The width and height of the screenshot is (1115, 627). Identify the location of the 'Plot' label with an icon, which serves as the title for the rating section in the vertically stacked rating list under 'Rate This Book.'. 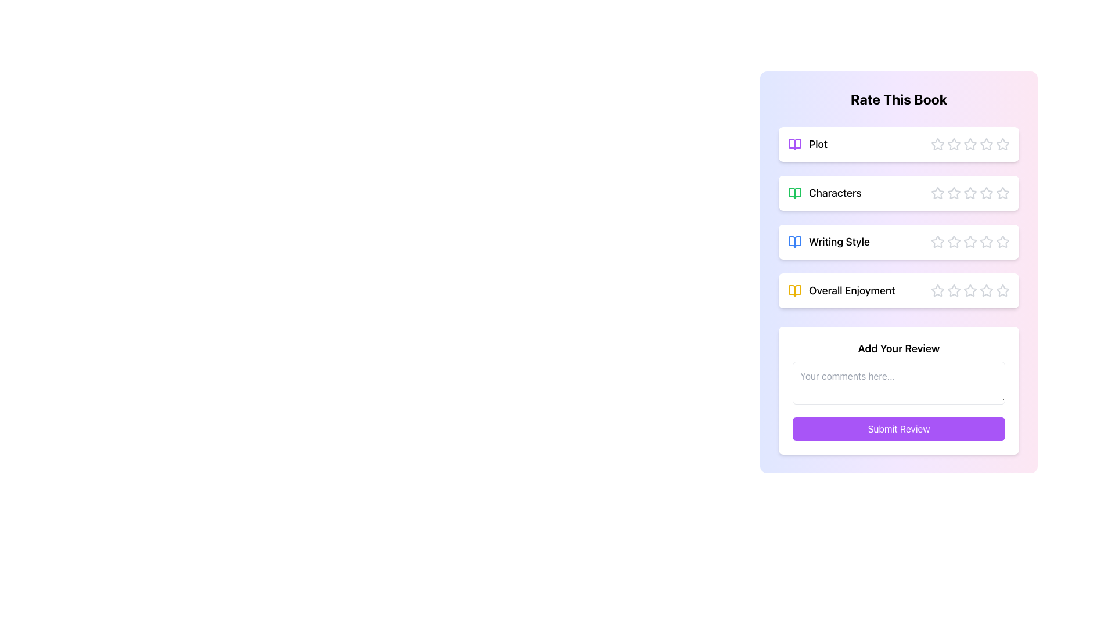
(807, 144).